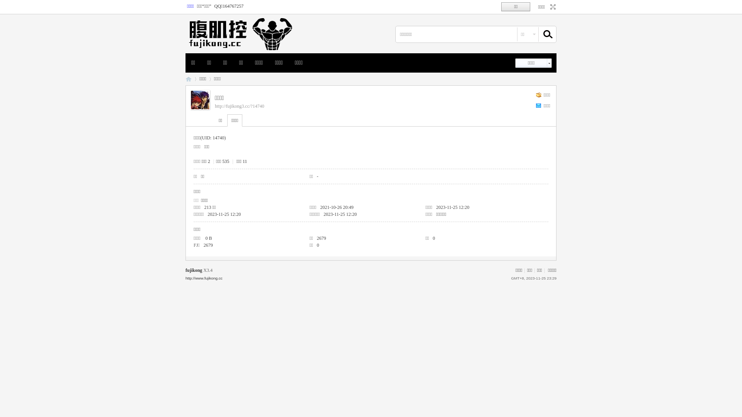  I want to click on 'true', so click(543, 34).